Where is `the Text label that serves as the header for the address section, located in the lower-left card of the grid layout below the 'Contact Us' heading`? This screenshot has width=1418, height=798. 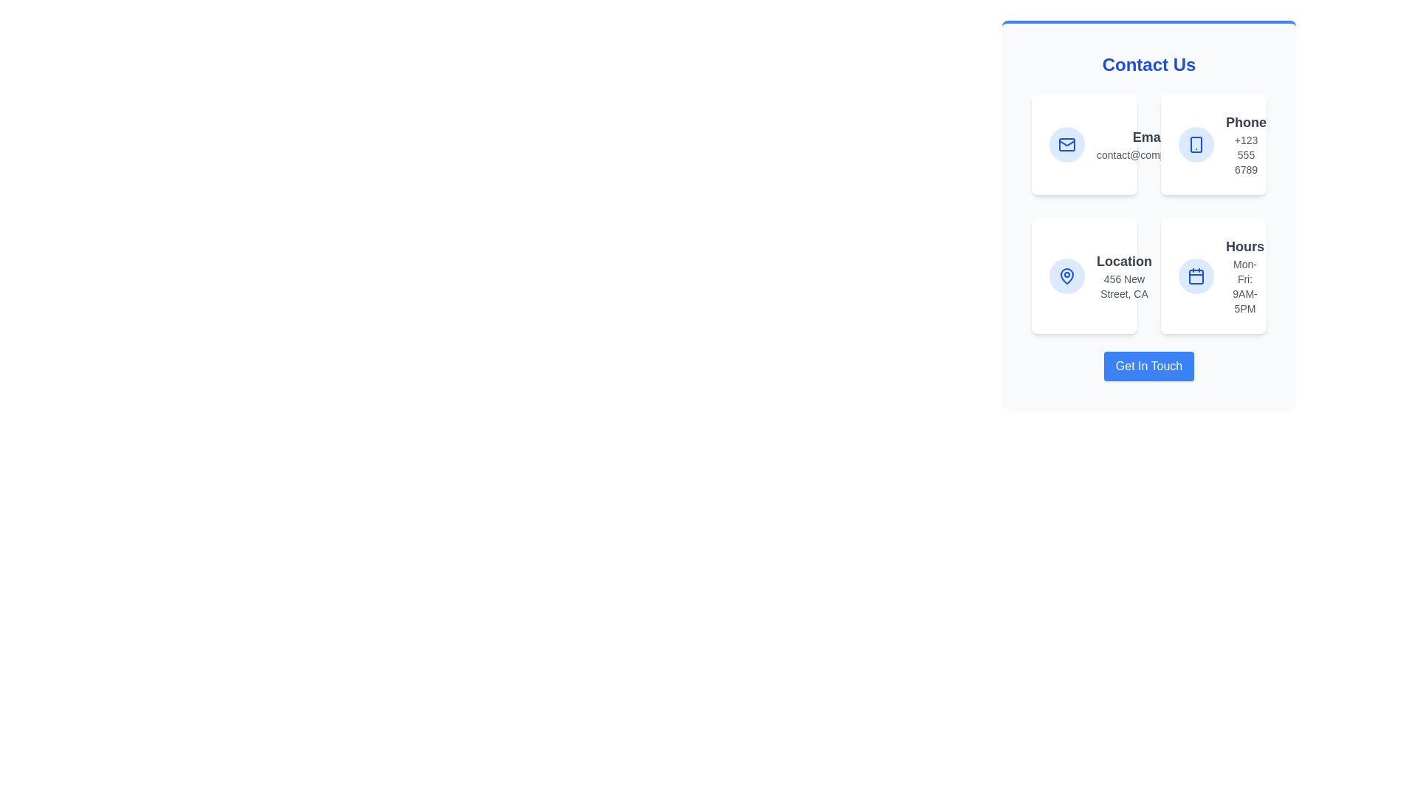 the Text label that serves as the header for the address section, located in the lower-left card of the grid layout below the 'Contact Us' heading is located at coordinates (1123, 261).